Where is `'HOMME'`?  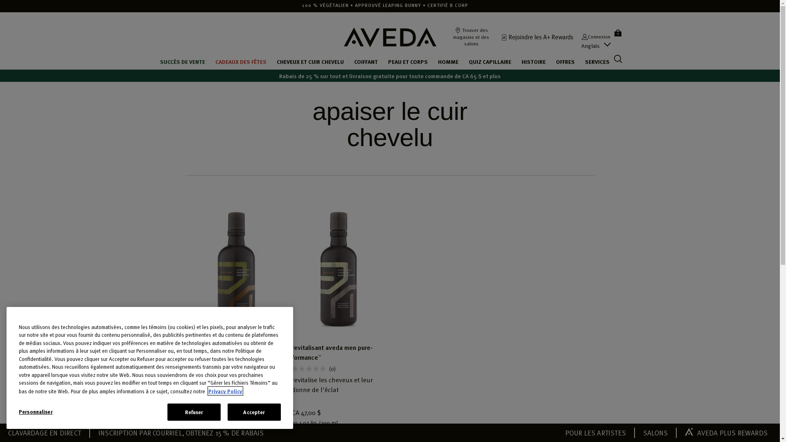
'HOMME' is located at coordinates (447, 61).